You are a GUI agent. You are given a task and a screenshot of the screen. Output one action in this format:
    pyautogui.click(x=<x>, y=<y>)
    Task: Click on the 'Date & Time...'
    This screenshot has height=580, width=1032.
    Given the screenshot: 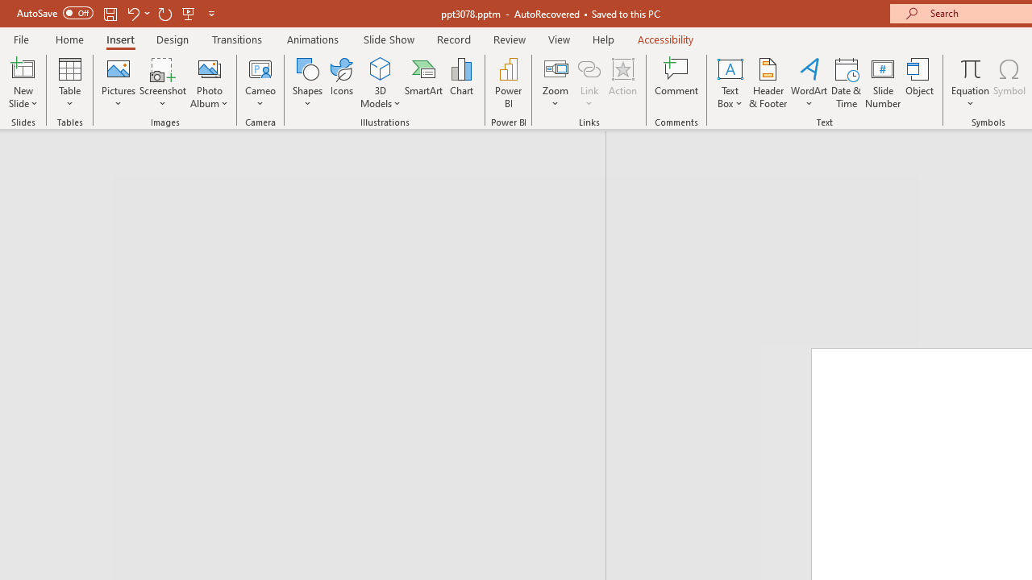 What is the action you would take?
    pyautogui.click(x=846, y=83)
    